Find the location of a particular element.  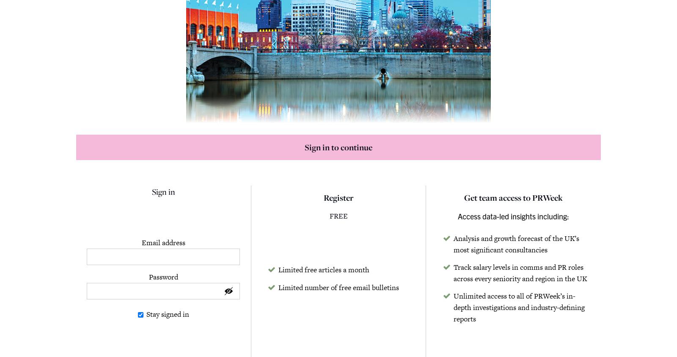

'Sign in to continue' is located at coordinates (338, 146).